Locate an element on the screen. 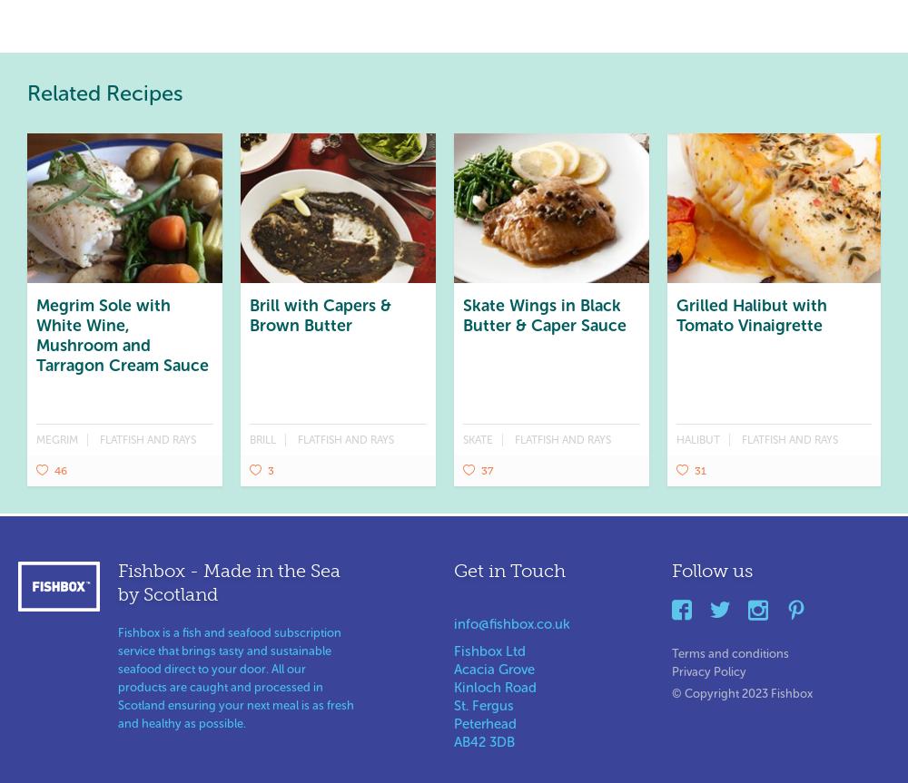 The width and height of the screenshot is (908, 783). 'Skate Wings in Black Butter & Caper Sauce' is located at coordinates (544, 315).